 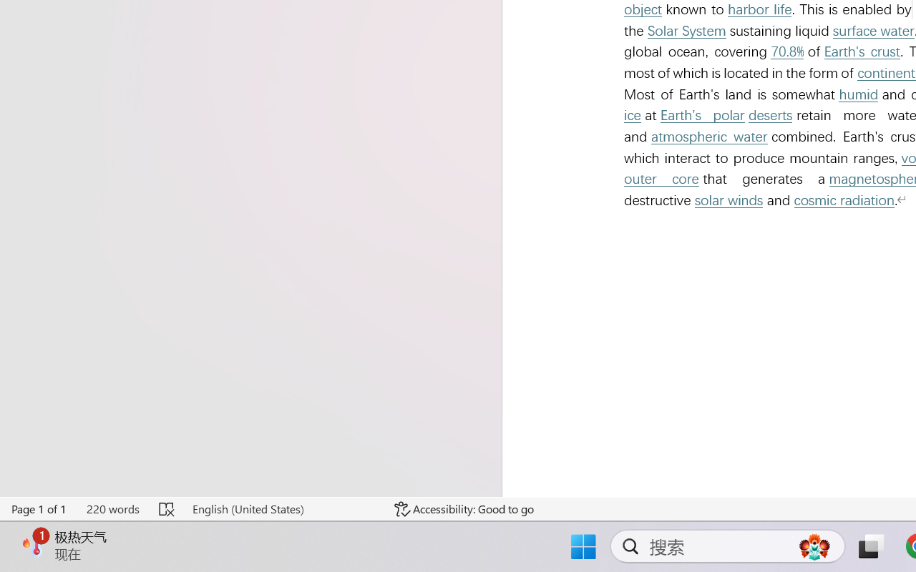 I want to click on 'Earth', so click(x=862, y=51).